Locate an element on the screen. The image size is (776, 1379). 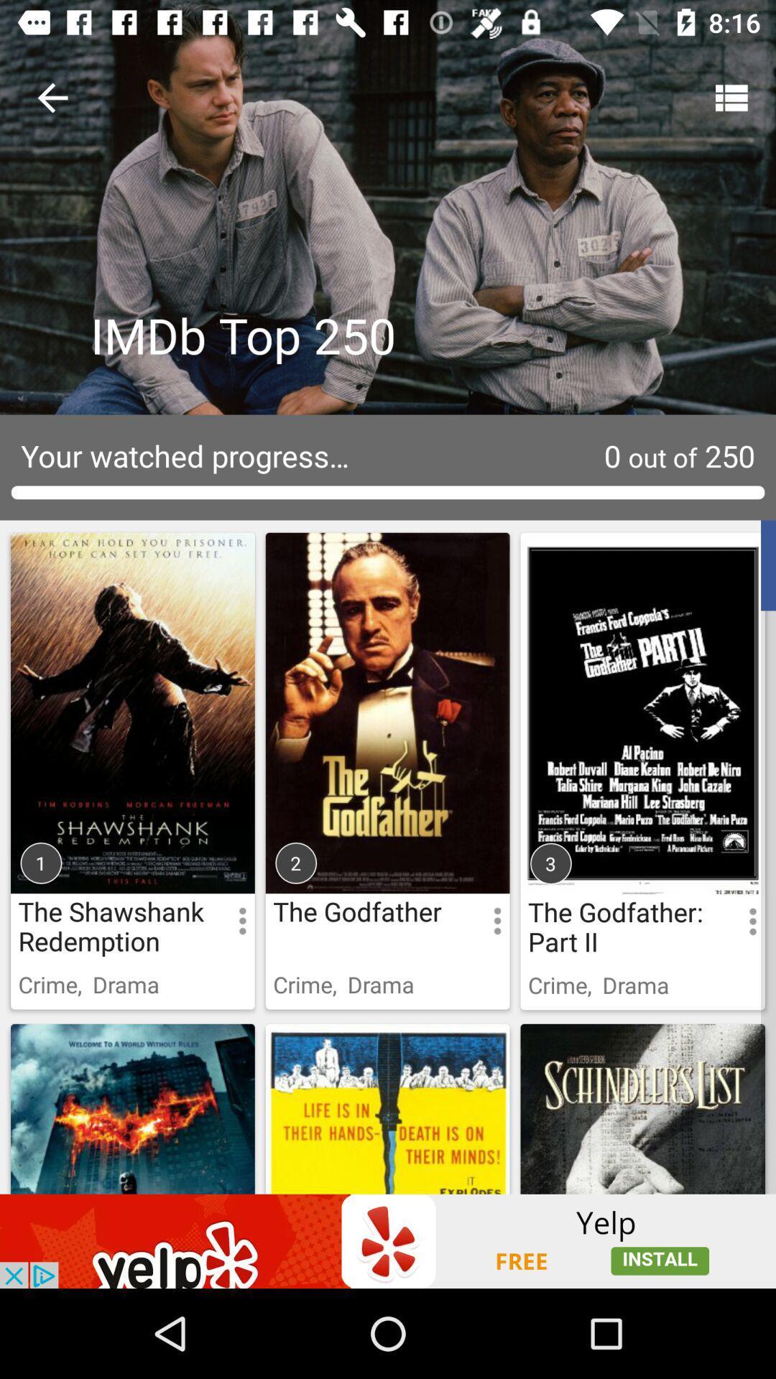
the movie number 1 is located at coordinates (133, 689).